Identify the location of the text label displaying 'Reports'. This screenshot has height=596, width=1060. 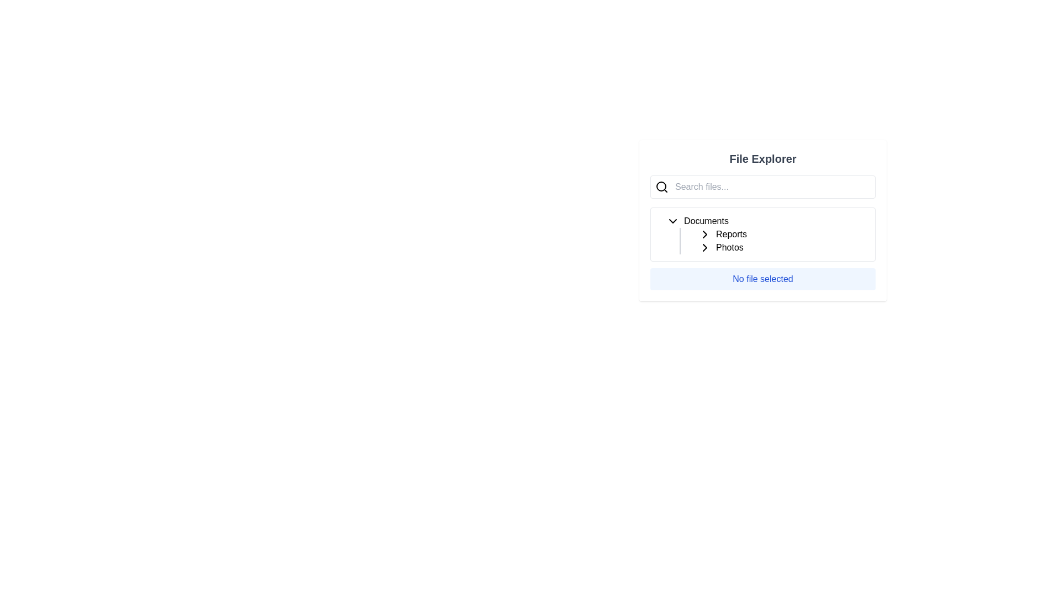
(731, 233).